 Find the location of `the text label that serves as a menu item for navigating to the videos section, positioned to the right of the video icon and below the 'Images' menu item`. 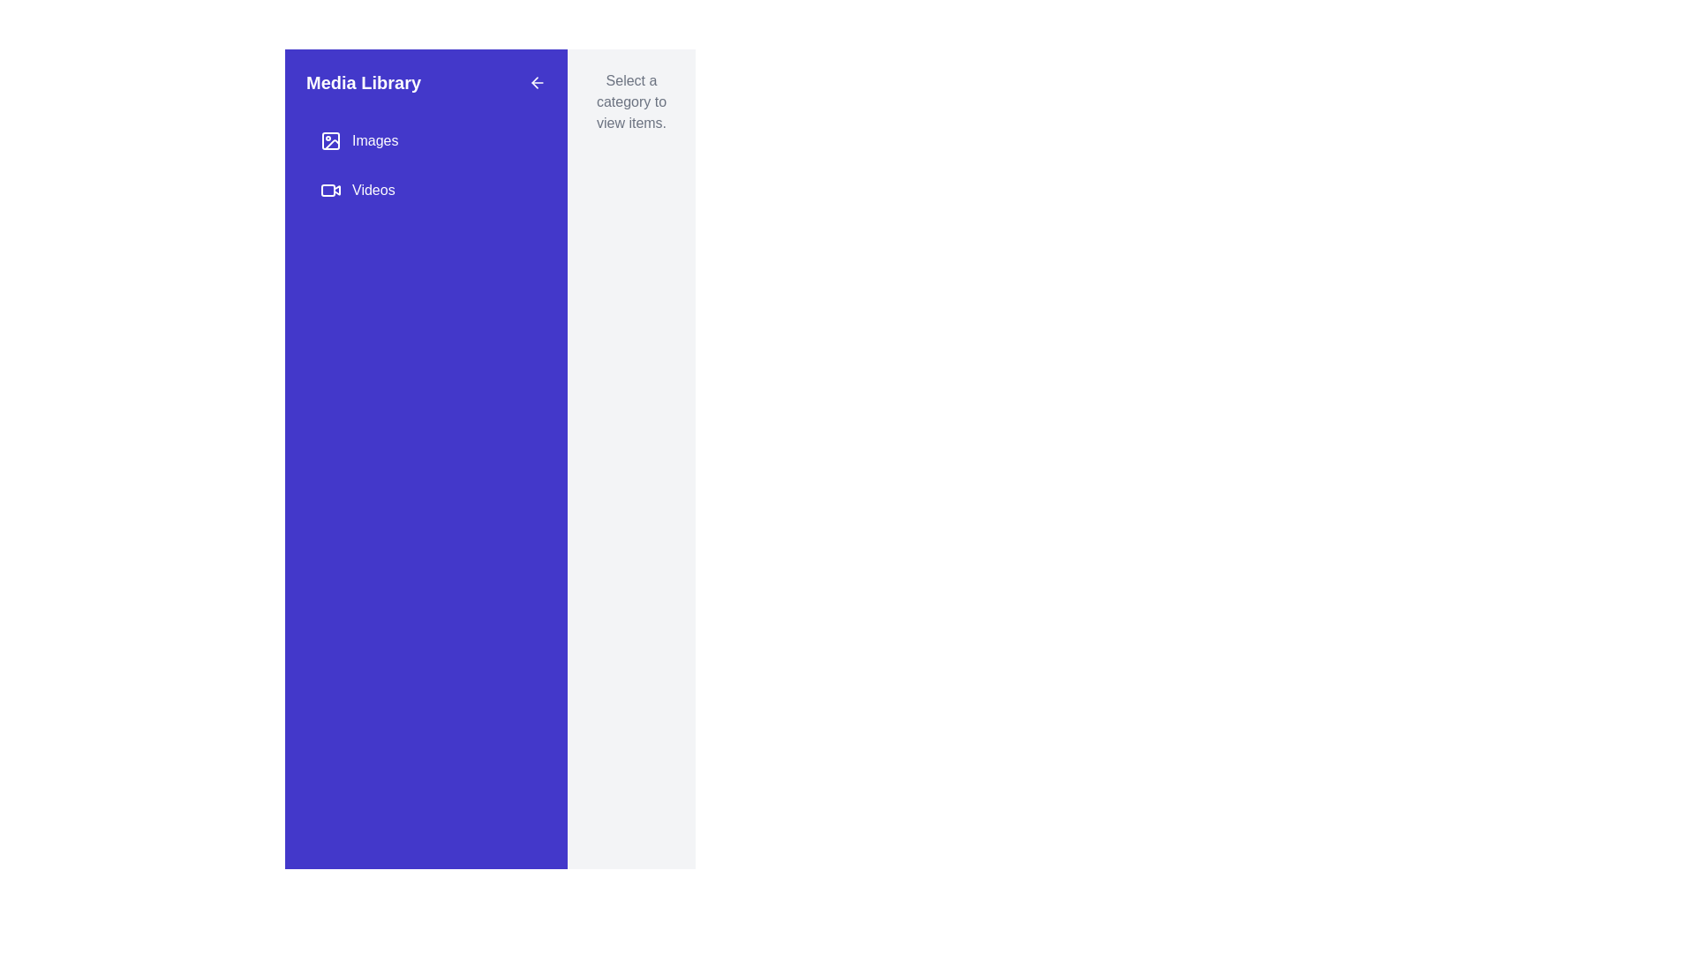

the text label that serves as a menu item for navigating to the videos section, positioned to the right of the video icon and below the 'Images' menu item is located at coordinates (373, 191).